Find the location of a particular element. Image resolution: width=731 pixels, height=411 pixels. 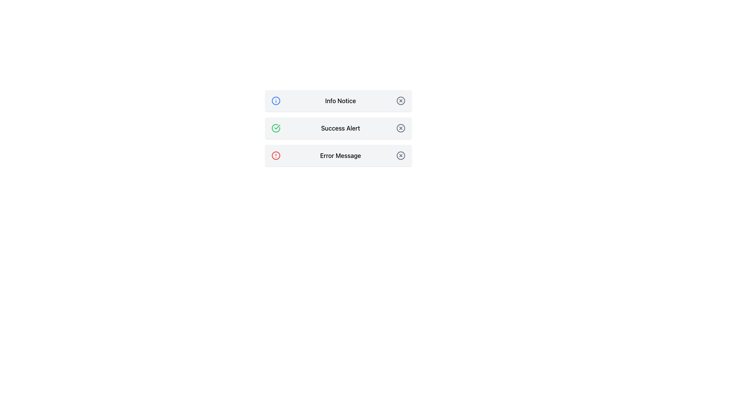

the 'Info Notice' text label, which is centrally aligned within the topmost notification card, located between a blue icon and a 'close' icon is located at coordinates (340, 100).